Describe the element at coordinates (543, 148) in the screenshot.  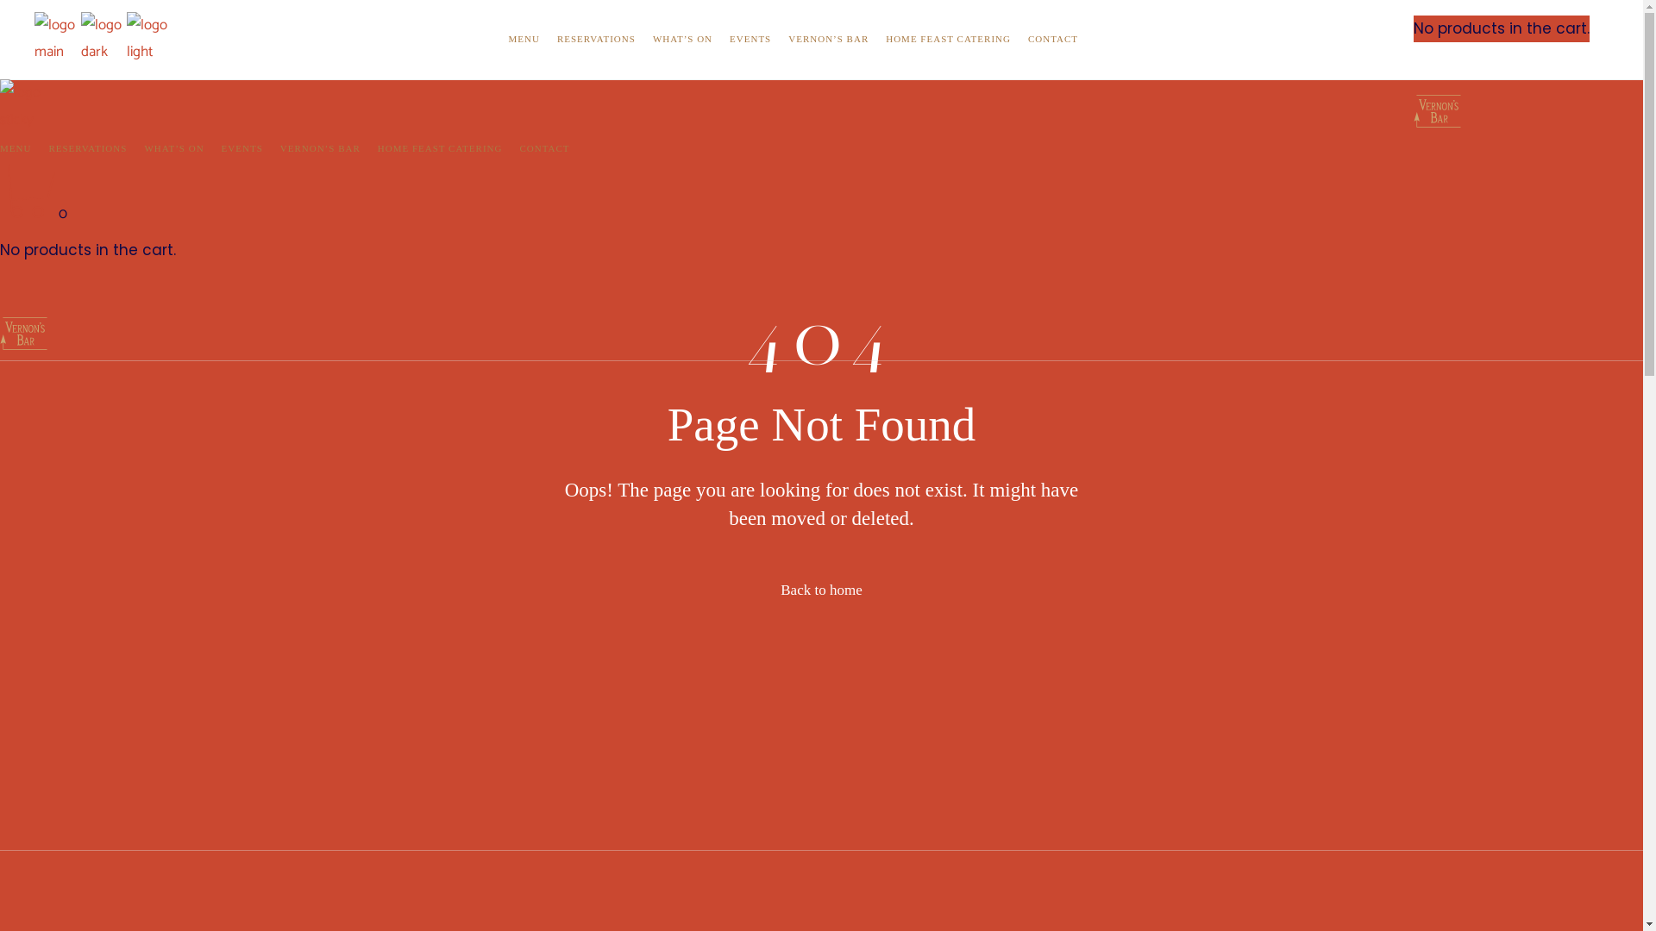
I see `'CONTACT'` at that location.